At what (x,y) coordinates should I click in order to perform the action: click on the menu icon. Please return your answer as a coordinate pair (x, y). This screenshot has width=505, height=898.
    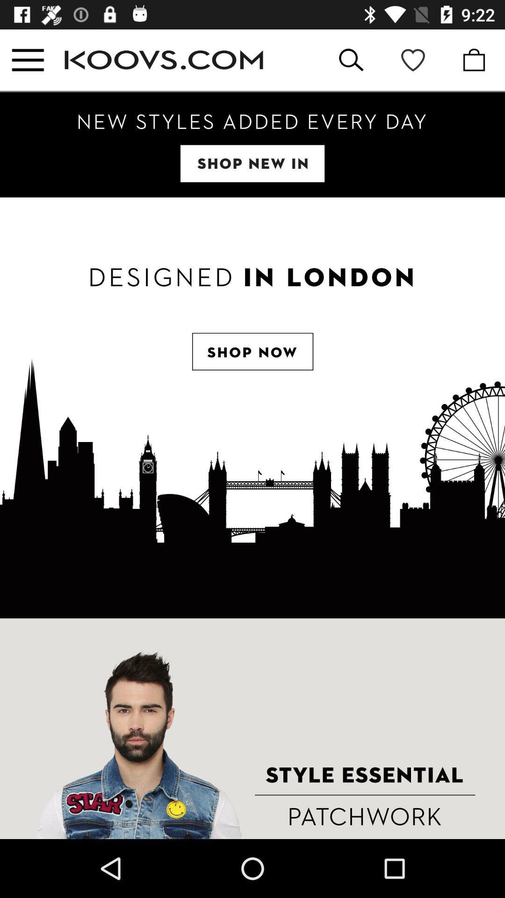
    Looking at the image, I should click on (27, 59).